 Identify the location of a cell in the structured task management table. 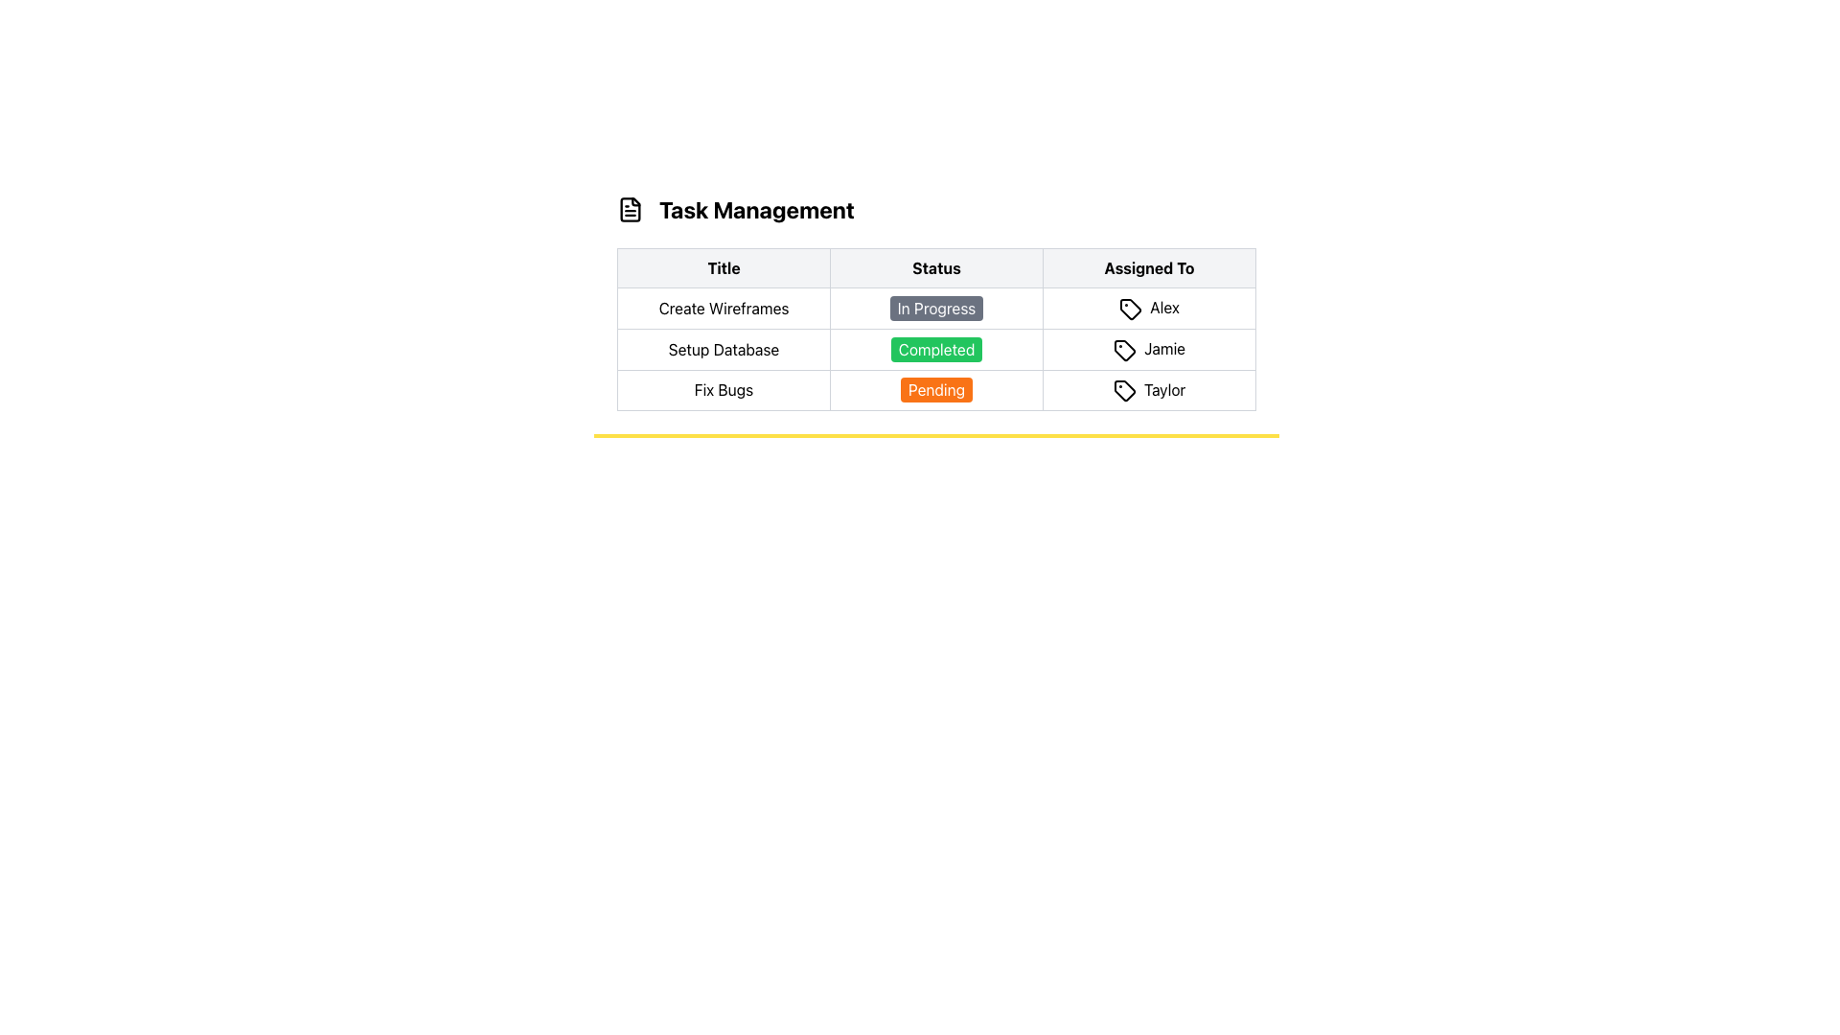
(936, 329).